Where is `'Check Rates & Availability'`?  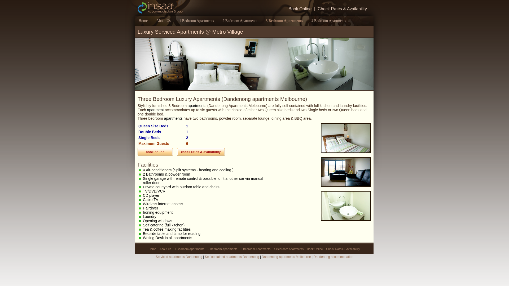 'Check Rates & Availability' is located at coordinates (342, 9).